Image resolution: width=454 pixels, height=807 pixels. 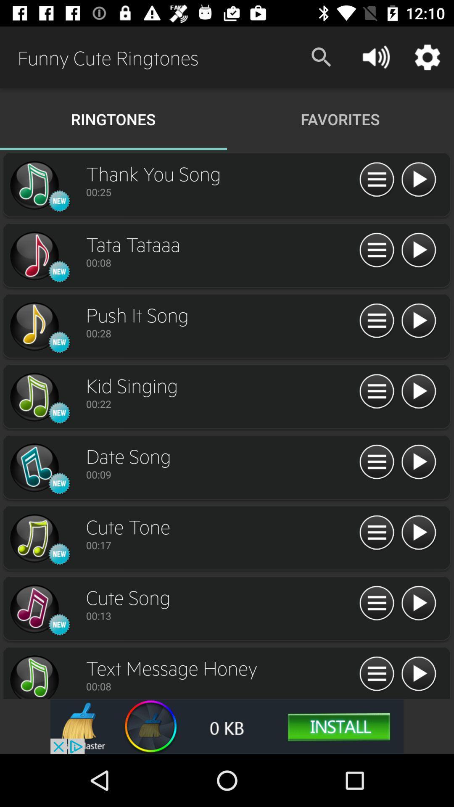 What do you see at coordinates (418, 603) in the screenshot?
I see `ringtone` at bounding box center [418, 603].